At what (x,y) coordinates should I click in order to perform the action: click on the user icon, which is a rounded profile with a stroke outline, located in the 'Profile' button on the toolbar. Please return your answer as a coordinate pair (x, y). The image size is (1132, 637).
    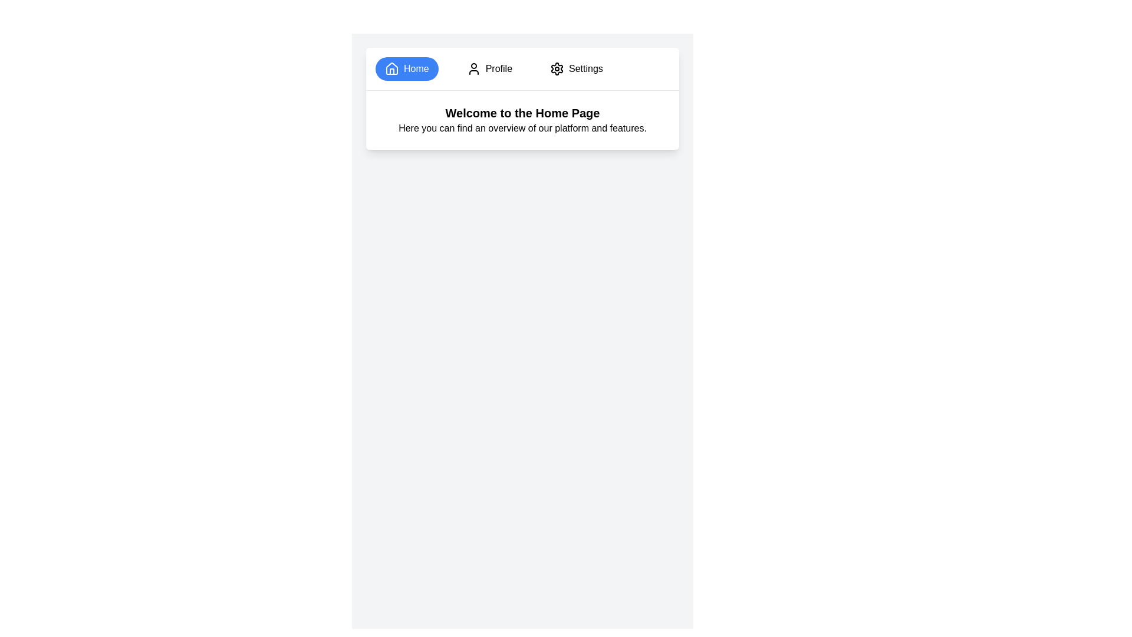
    Looking at the image, I should click on (473, 68).